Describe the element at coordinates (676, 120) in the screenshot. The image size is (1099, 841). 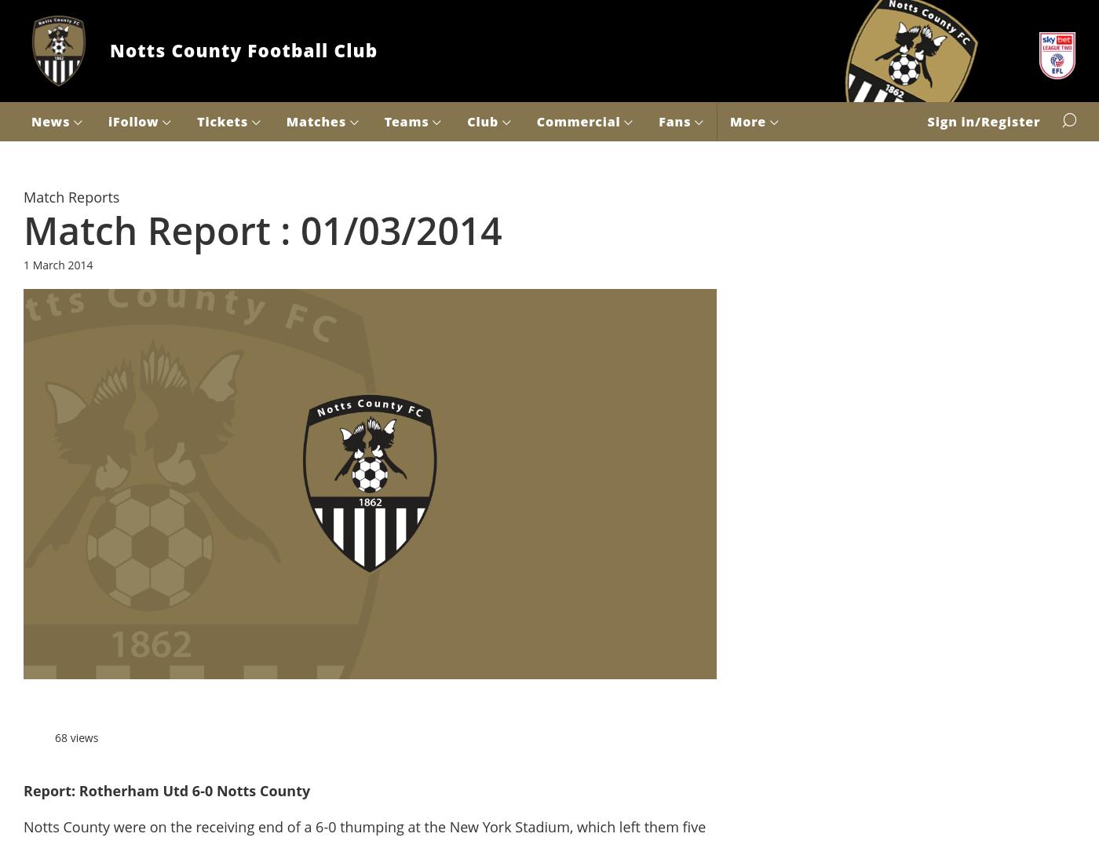
I see `'Fans'` at that location.